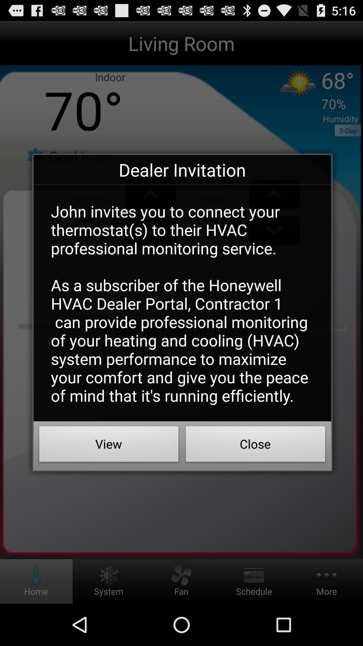  What do you see at coordinates (109, 446) in the screenshot?
I see `button to the left of close` at bounding box center [109, 446].